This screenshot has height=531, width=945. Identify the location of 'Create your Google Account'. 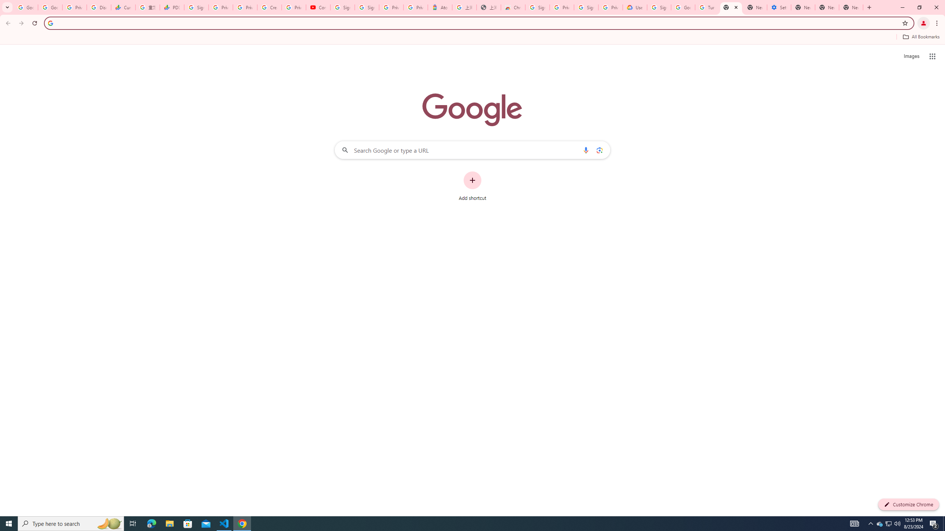
(269, 7).